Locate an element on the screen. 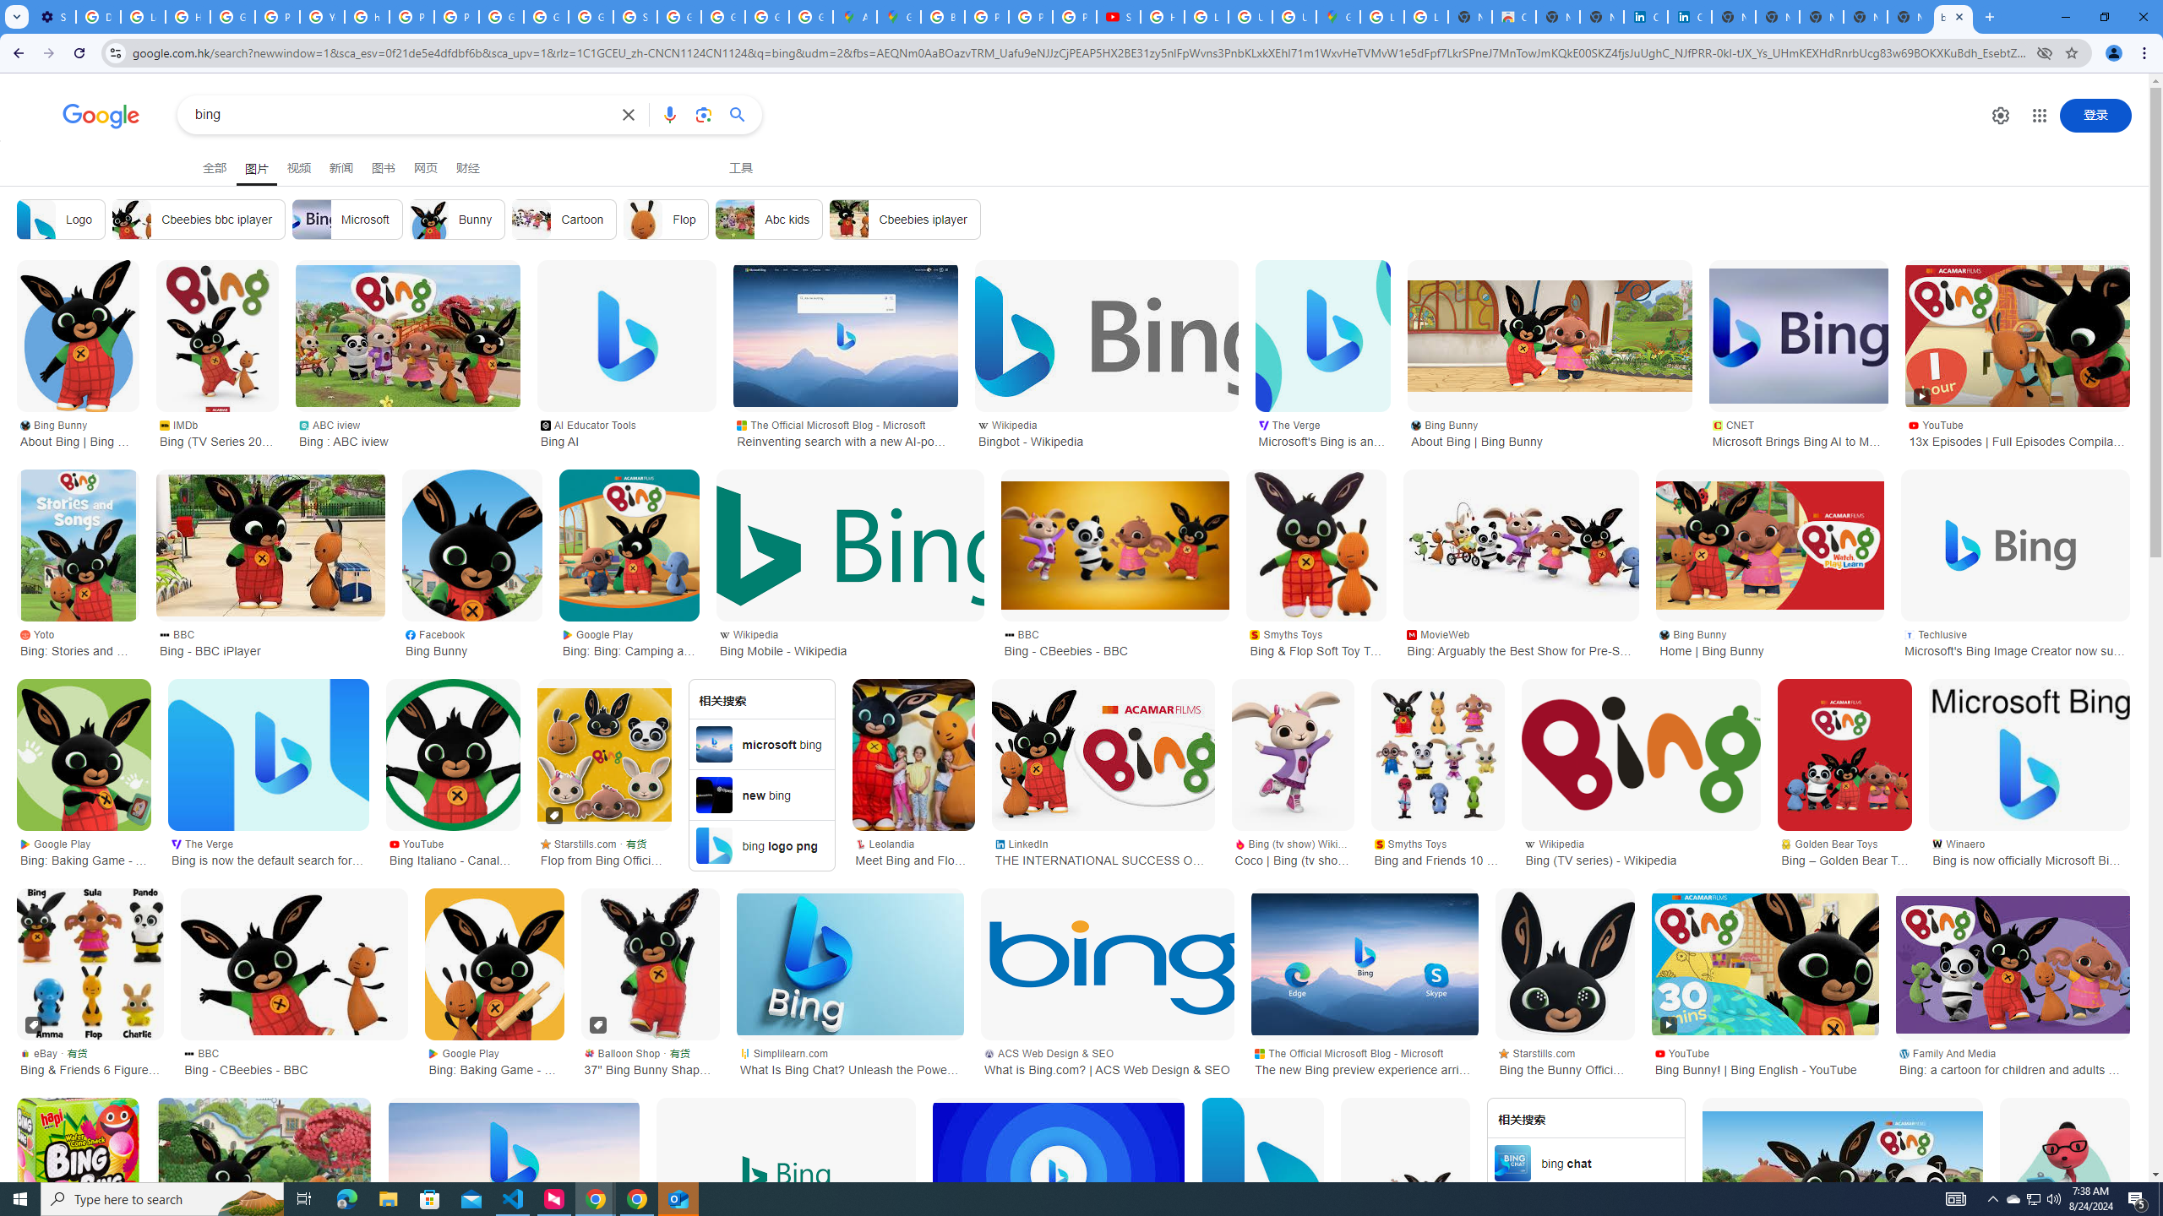  'Sign in - Google Accounts' is located at coordinates (634, 16).